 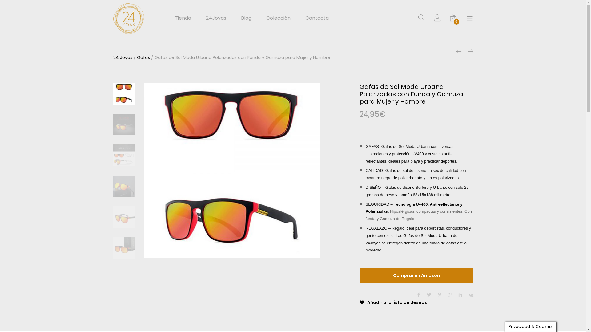 What do you see at coordinates (305, 18) in the screenshot?
I see `'Contacta'` at bounding box center [305, 18].